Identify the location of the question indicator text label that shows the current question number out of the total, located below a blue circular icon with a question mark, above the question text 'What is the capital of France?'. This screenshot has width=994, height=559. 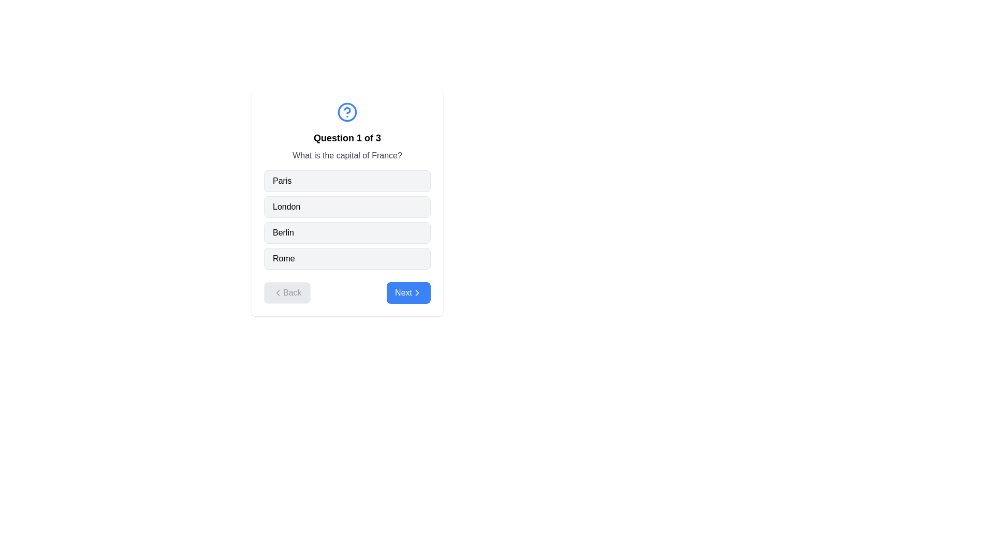
(347, 137).